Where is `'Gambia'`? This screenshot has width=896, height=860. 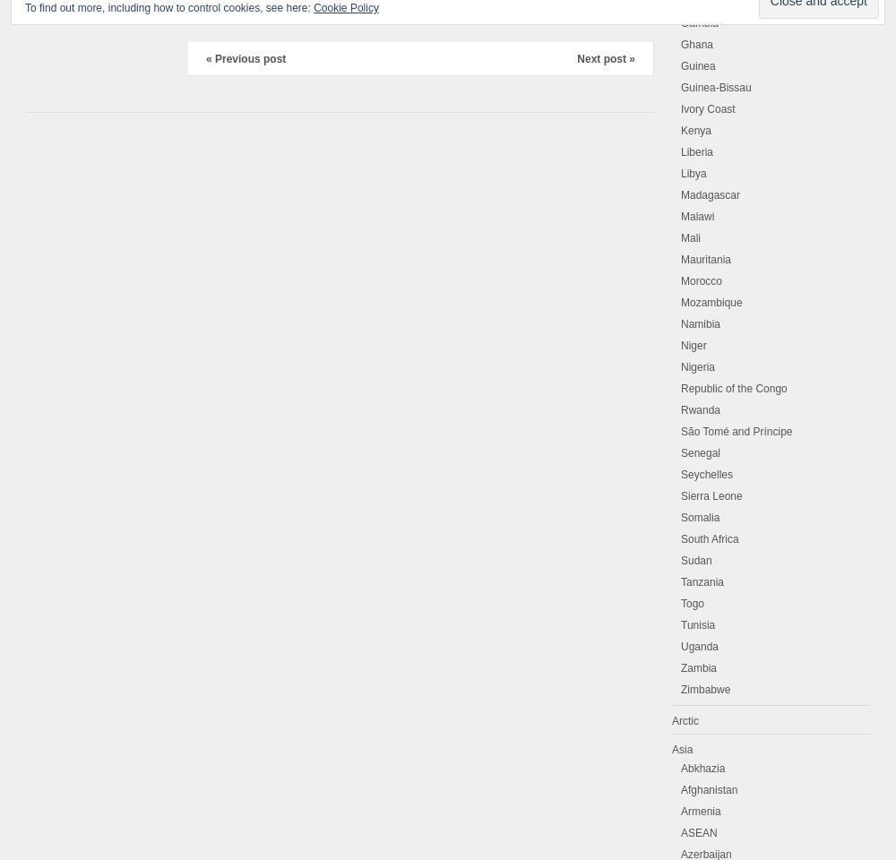
'Gambia' is located at coordinates (700, 22).